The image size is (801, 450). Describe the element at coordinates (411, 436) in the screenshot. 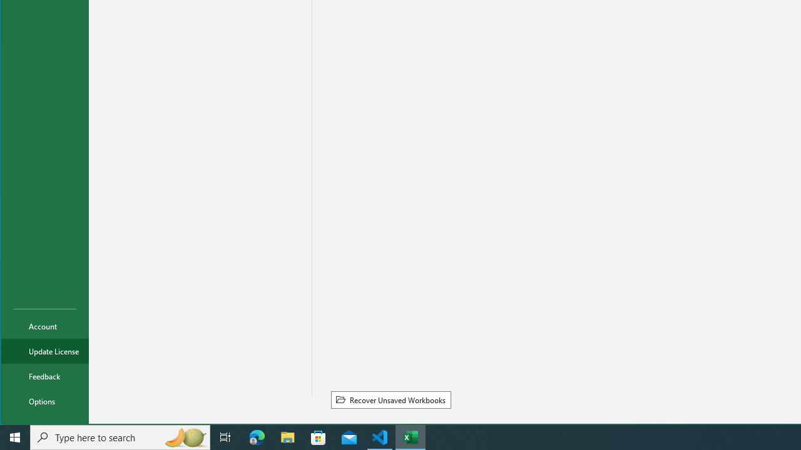

I see `'Excel - 1 running window'` at that location.